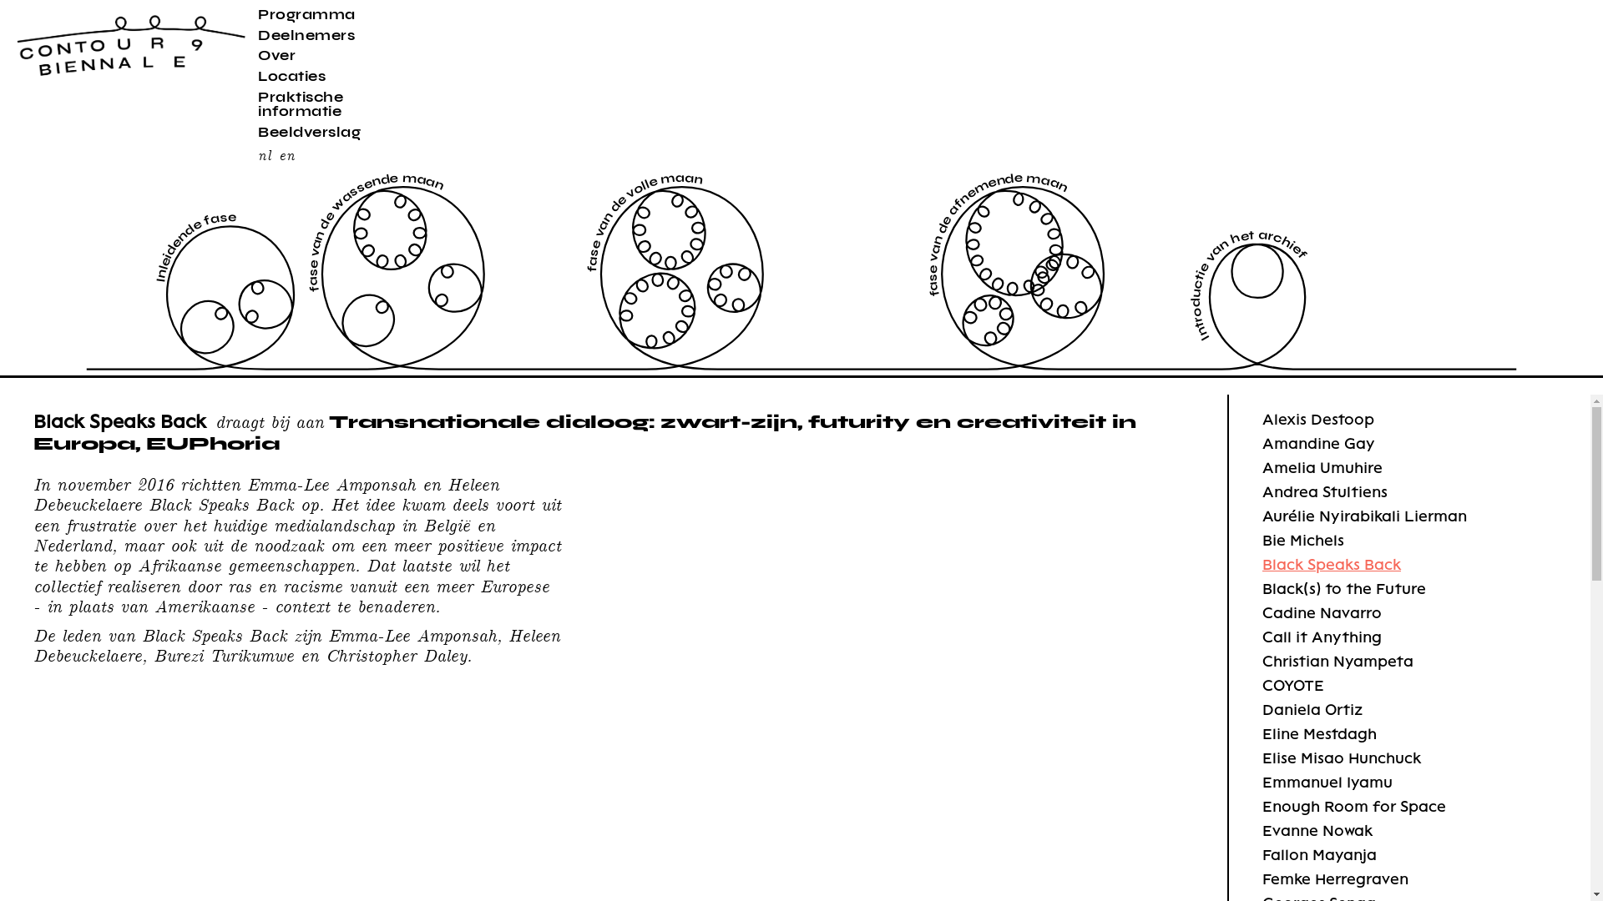  What do you see at coordinates (301, 103) in the screenshot?
I see `'Praktische informatie'` at bounding box center [301, 103].